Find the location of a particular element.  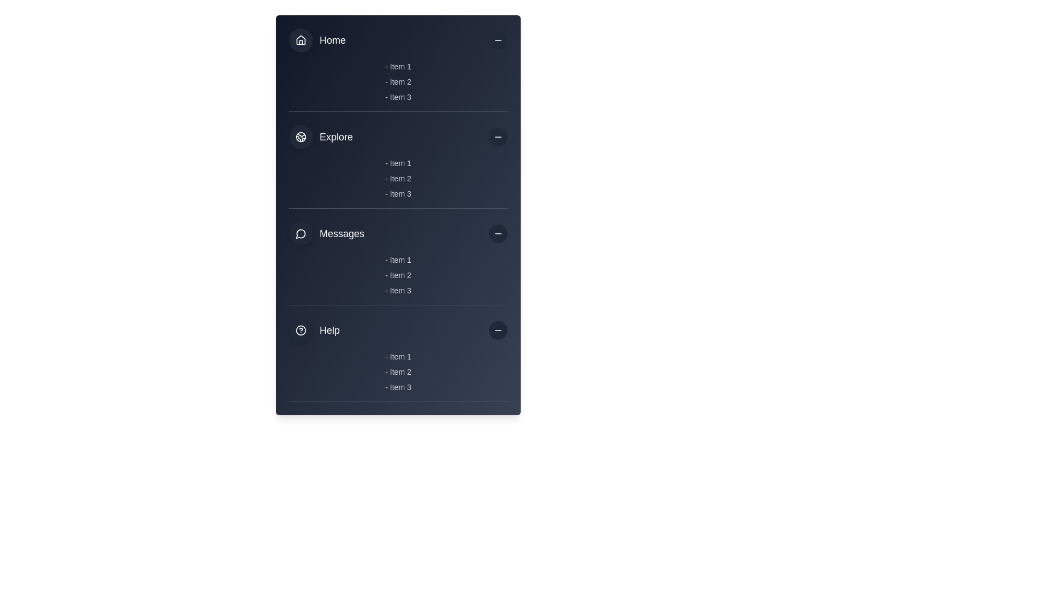

an individual item in the list located below the 'Home' heading, which is styled with gray text on a dark background is located at coordinates (398, 81).